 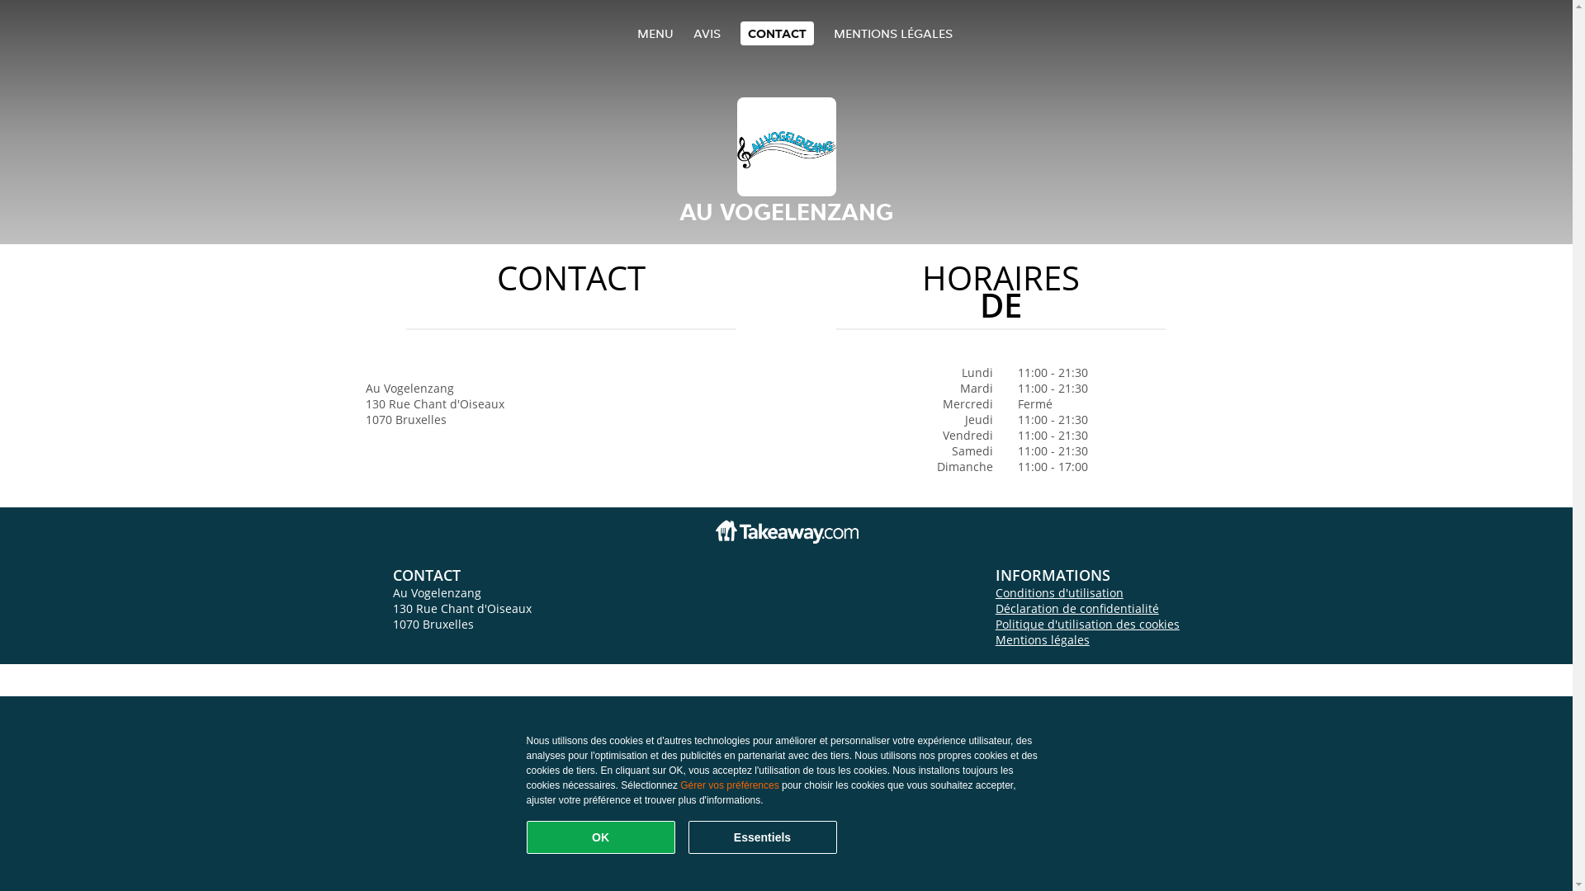 What do you see at coordinates (600, 837) in the screenshot?
I see `'OK'` at bounding box center [600, 837].